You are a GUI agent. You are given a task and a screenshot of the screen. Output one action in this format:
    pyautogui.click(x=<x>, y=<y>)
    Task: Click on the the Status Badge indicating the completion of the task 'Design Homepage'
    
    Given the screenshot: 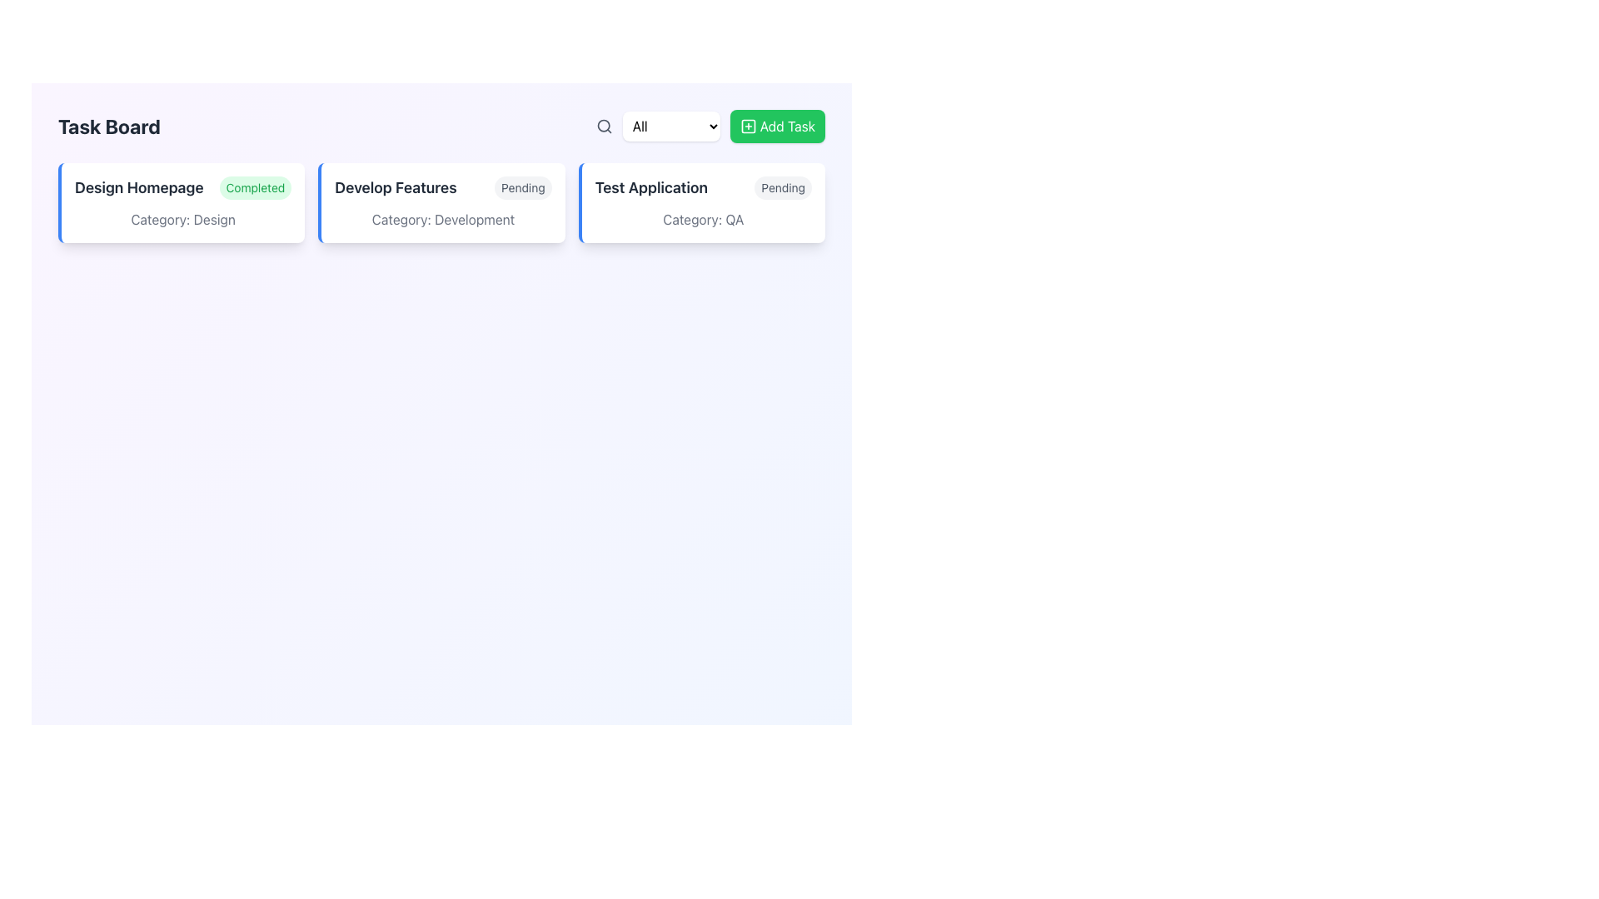 What is the action you would take?
    pyautogui.click(x=255, y=187)
    